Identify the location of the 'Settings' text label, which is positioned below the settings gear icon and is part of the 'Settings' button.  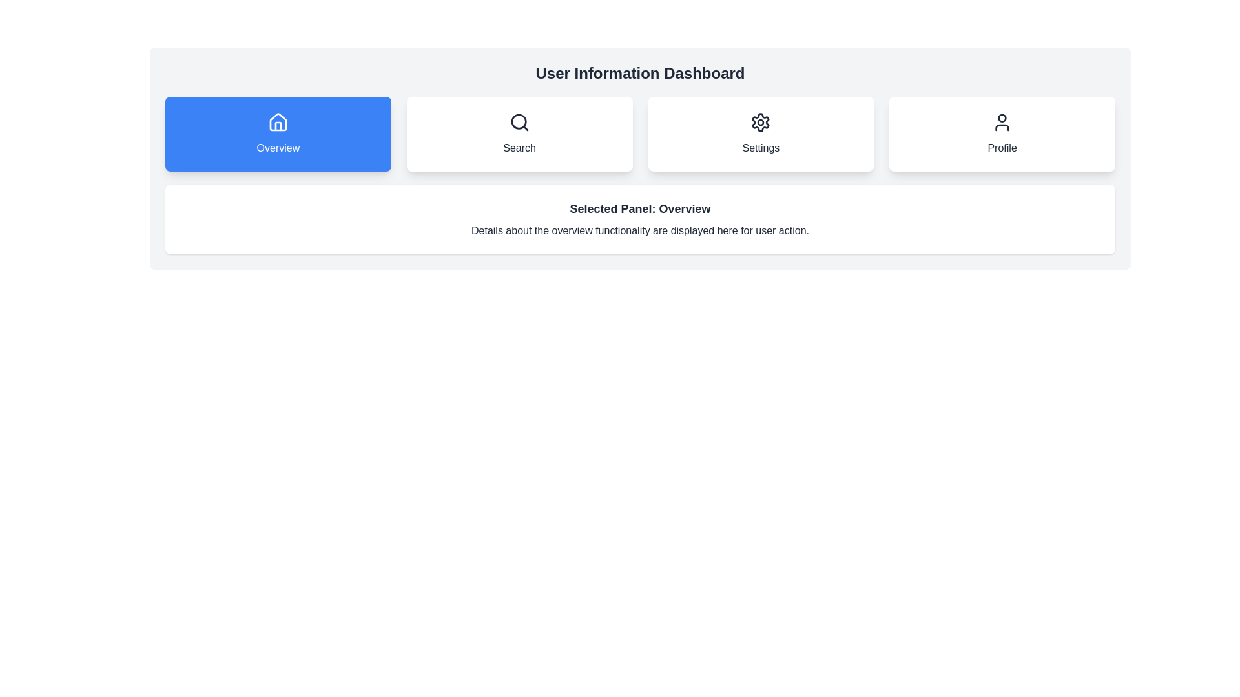
(761, 148).